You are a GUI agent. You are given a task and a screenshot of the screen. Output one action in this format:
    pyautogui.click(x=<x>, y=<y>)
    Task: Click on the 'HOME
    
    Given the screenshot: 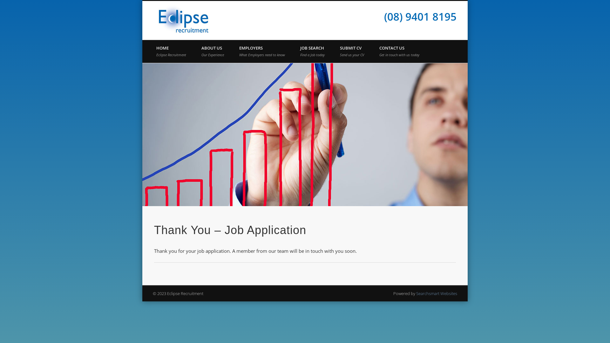 What is the action you would take?
    pyautogui.click(x=171, y=51)
    